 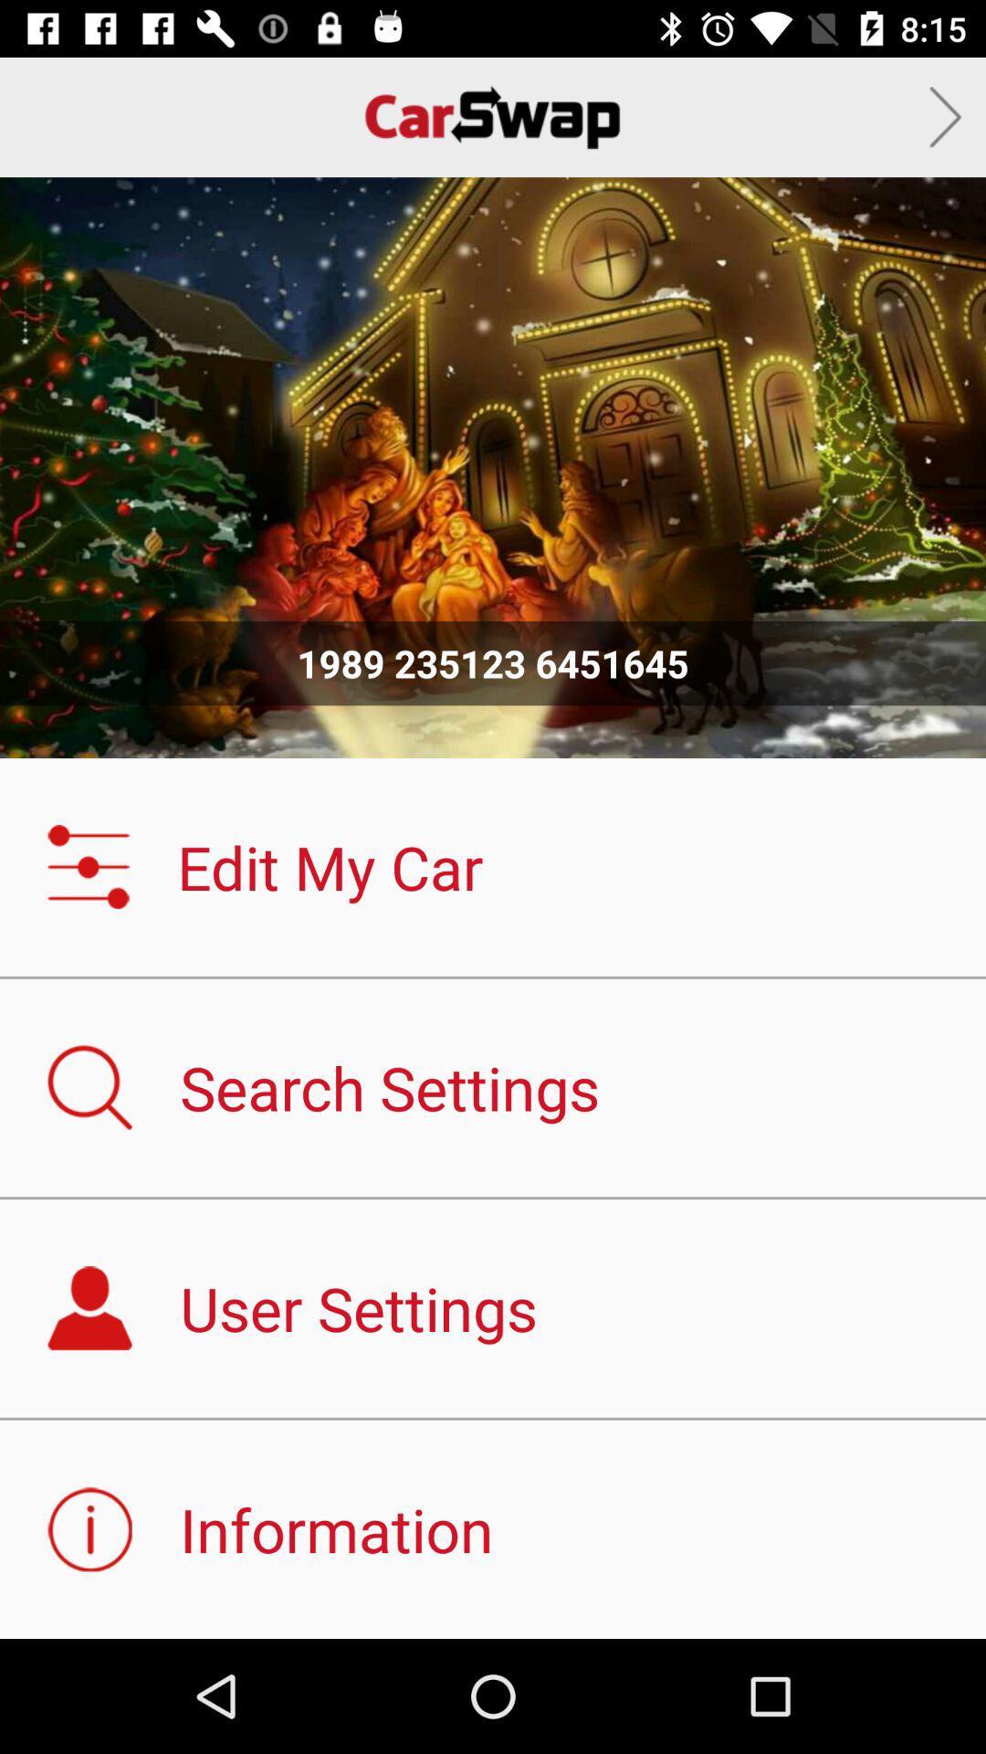 What do you see at coordinates (945, 116) in the screenshot?
I see `the play icon` at bounding box center [945, 116].